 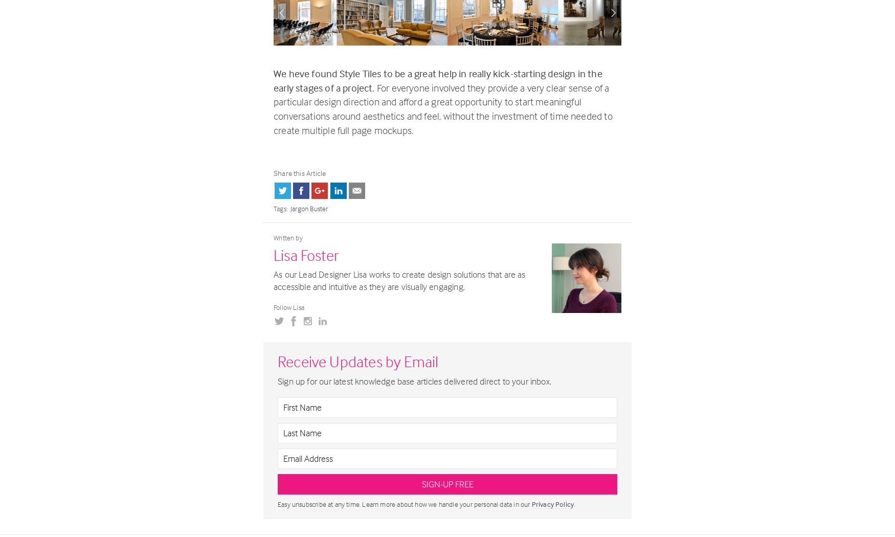 I want to click on 'Follow Lisa', so click(x=288, y=307).